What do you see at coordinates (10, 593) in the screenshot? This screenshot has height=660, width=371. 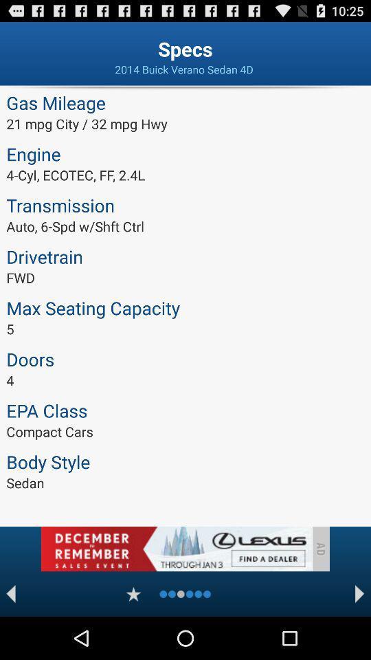 I see `previous` at bounding box center [10, 593].